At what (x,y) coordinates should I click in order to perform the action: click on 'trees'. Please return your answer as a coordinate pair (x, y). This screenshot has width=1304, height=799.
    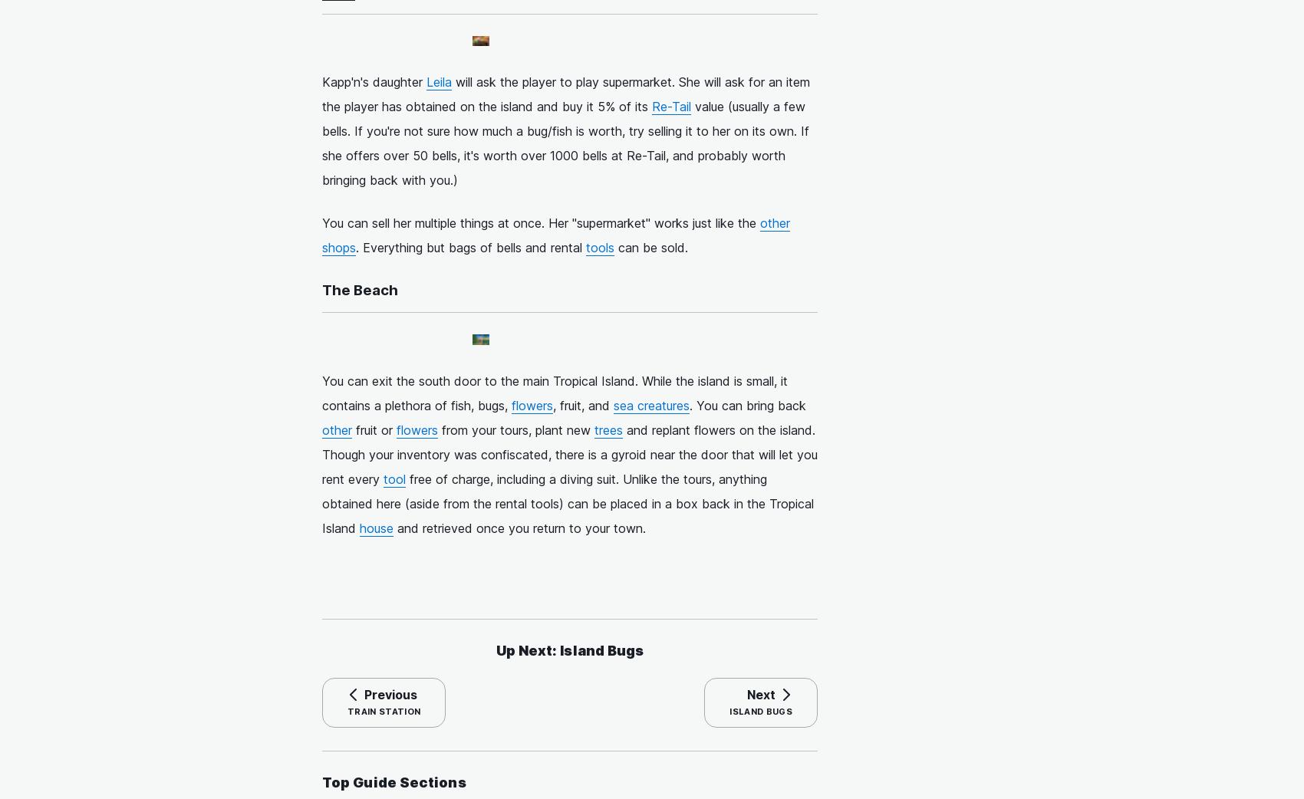
    Looking at the image, I should click on (608, 428).